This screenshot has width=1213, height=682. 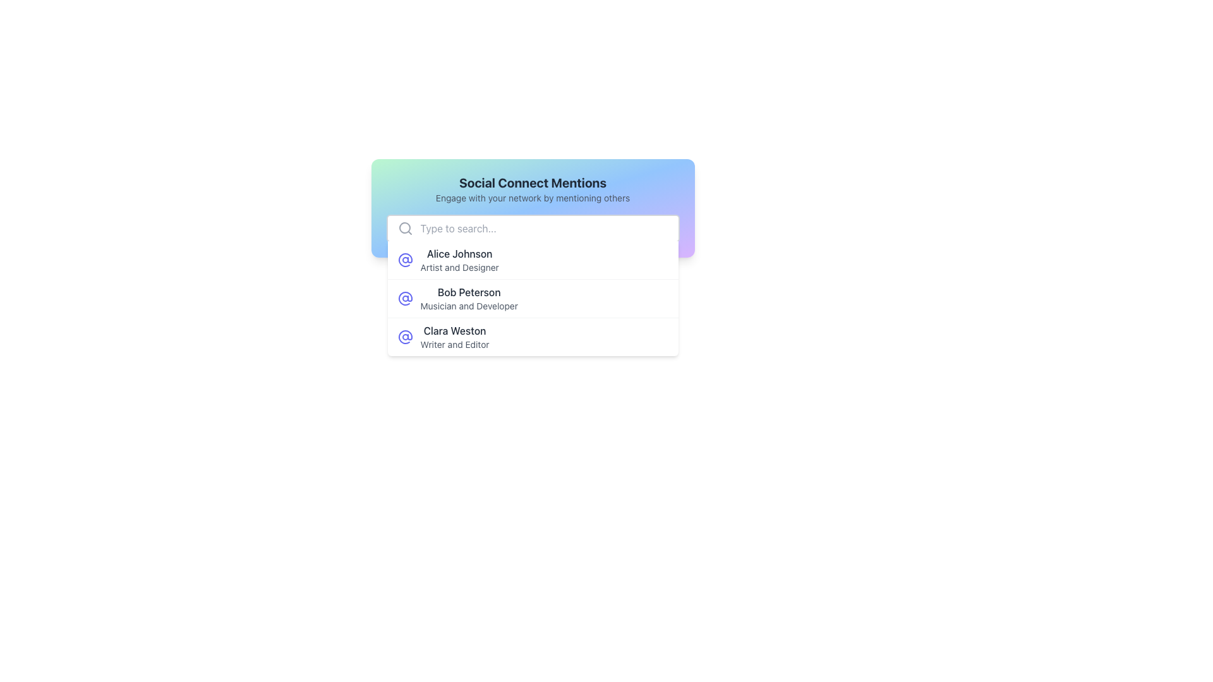 What do you see at coordinates (455, 330) in the screenshot?
I see `the text component displaying 'Clara Weston'` at bounding box center [455, 330].